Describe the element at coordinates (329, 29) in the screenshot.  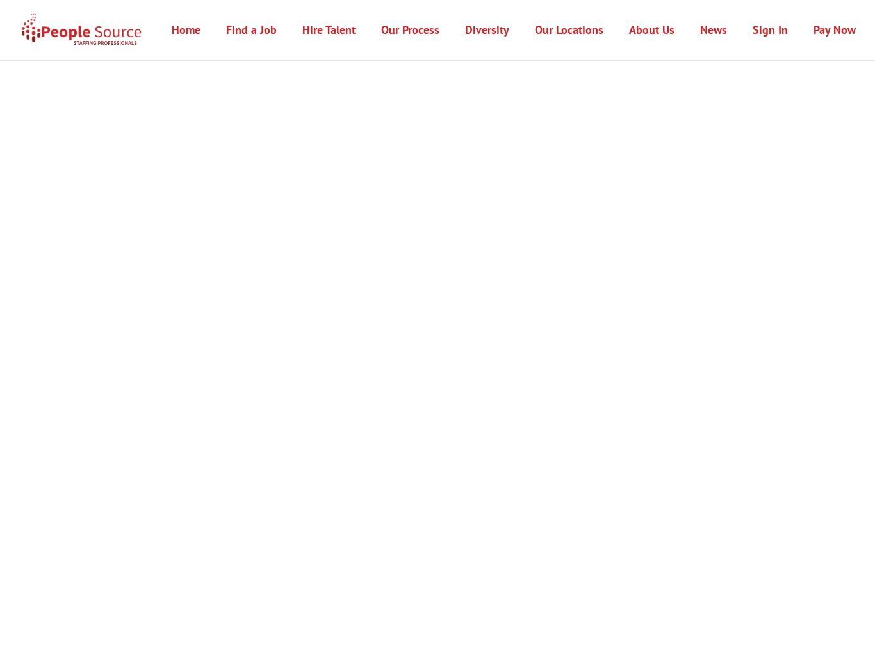
I see `'Hire Talent'` at that location.